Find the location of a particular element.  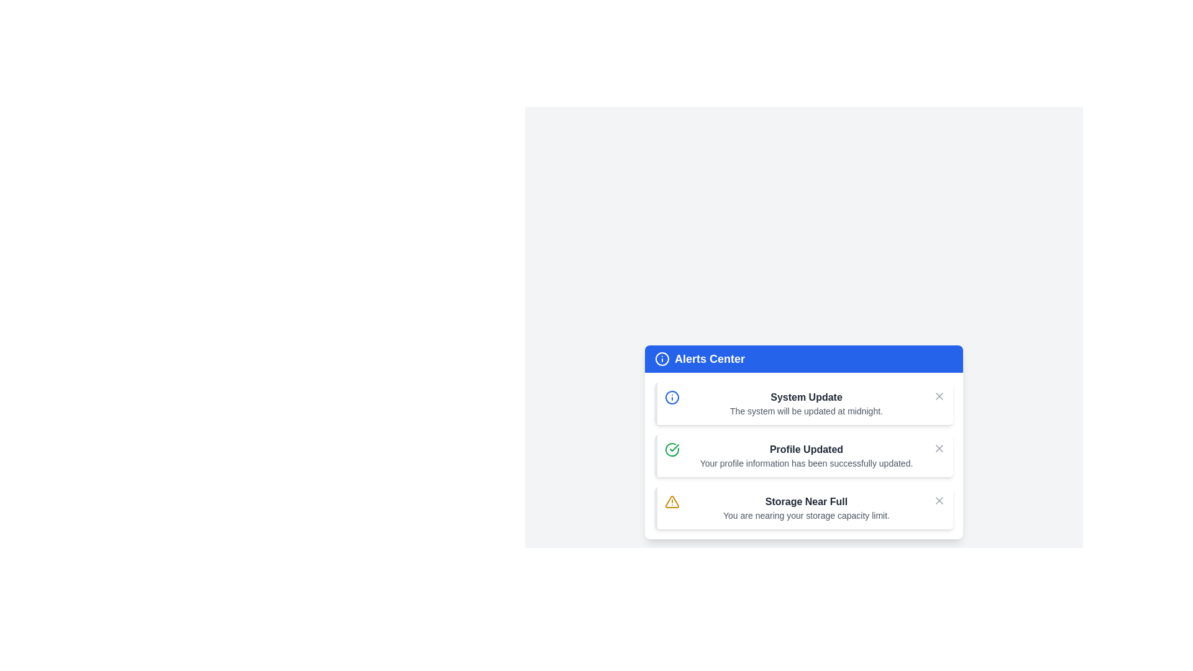

text message 'Your profile information has been successfully updated.' located below the 'Profile Updated' heading in the 'Alerts Center' is located at coordinates (806, 463).